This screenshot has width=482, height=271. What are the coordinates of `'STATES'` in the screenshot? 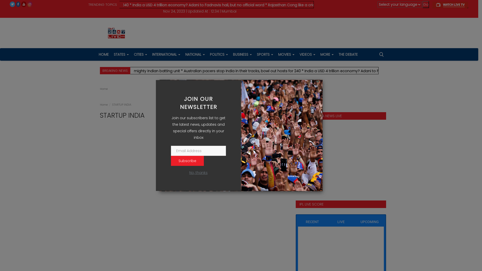 It's located at (121, 54).